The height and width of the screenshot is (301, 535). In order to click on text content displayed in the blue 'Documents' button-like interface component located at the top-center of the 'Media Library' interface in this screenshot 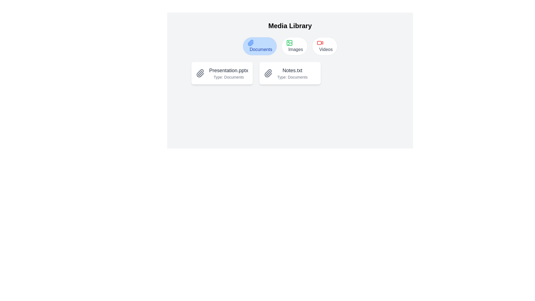, I will do `click(261, 49)`.